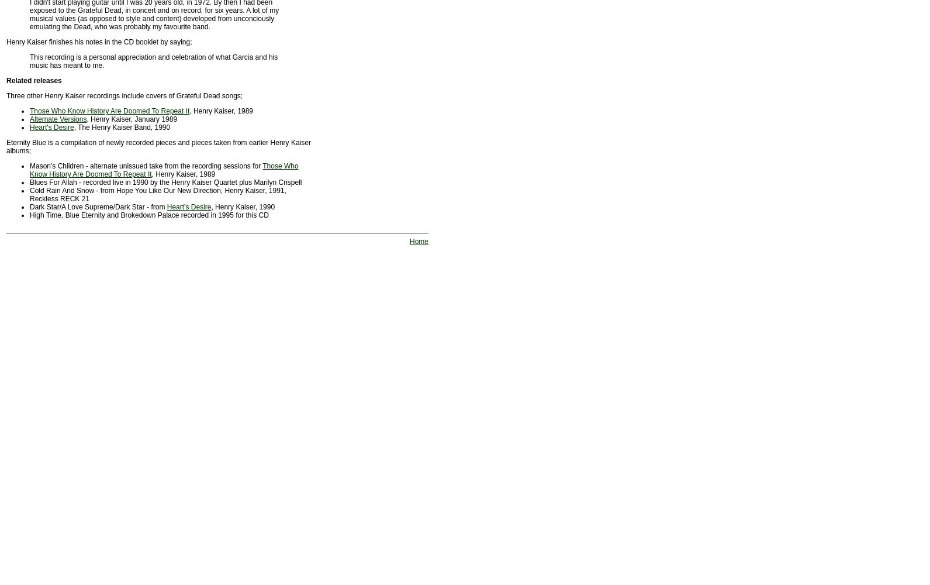 The width and height of the screenshot is (930, 585). What do you see at coordinates (157, 194) in the screenshot?
I see `'Cold Rain And Snow - from Hope You Like Our New Direction, Henry Kaiser, 1991, Reckless RECK 21'` at bounding box center [157, 194].